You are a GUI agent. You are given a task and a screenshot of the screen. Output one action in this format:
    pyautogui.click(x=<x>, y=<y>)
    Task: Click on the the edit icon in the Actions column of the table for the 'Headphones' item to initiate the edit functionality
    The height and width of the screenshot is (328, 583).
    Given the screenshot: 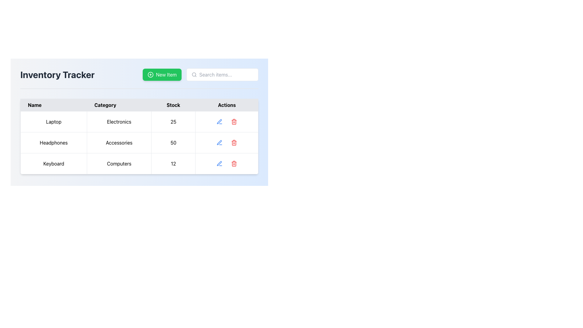 What is the action you would take?
    pyautogui.click(x=219, y=143)
    